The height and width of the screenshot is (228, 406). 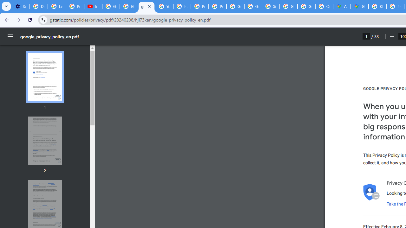 What do you see at coordinates (57, 6) in the screenshot?
I see `'Learn how to find your photos - Google Photos Help'` at bounding box center [57, 6].